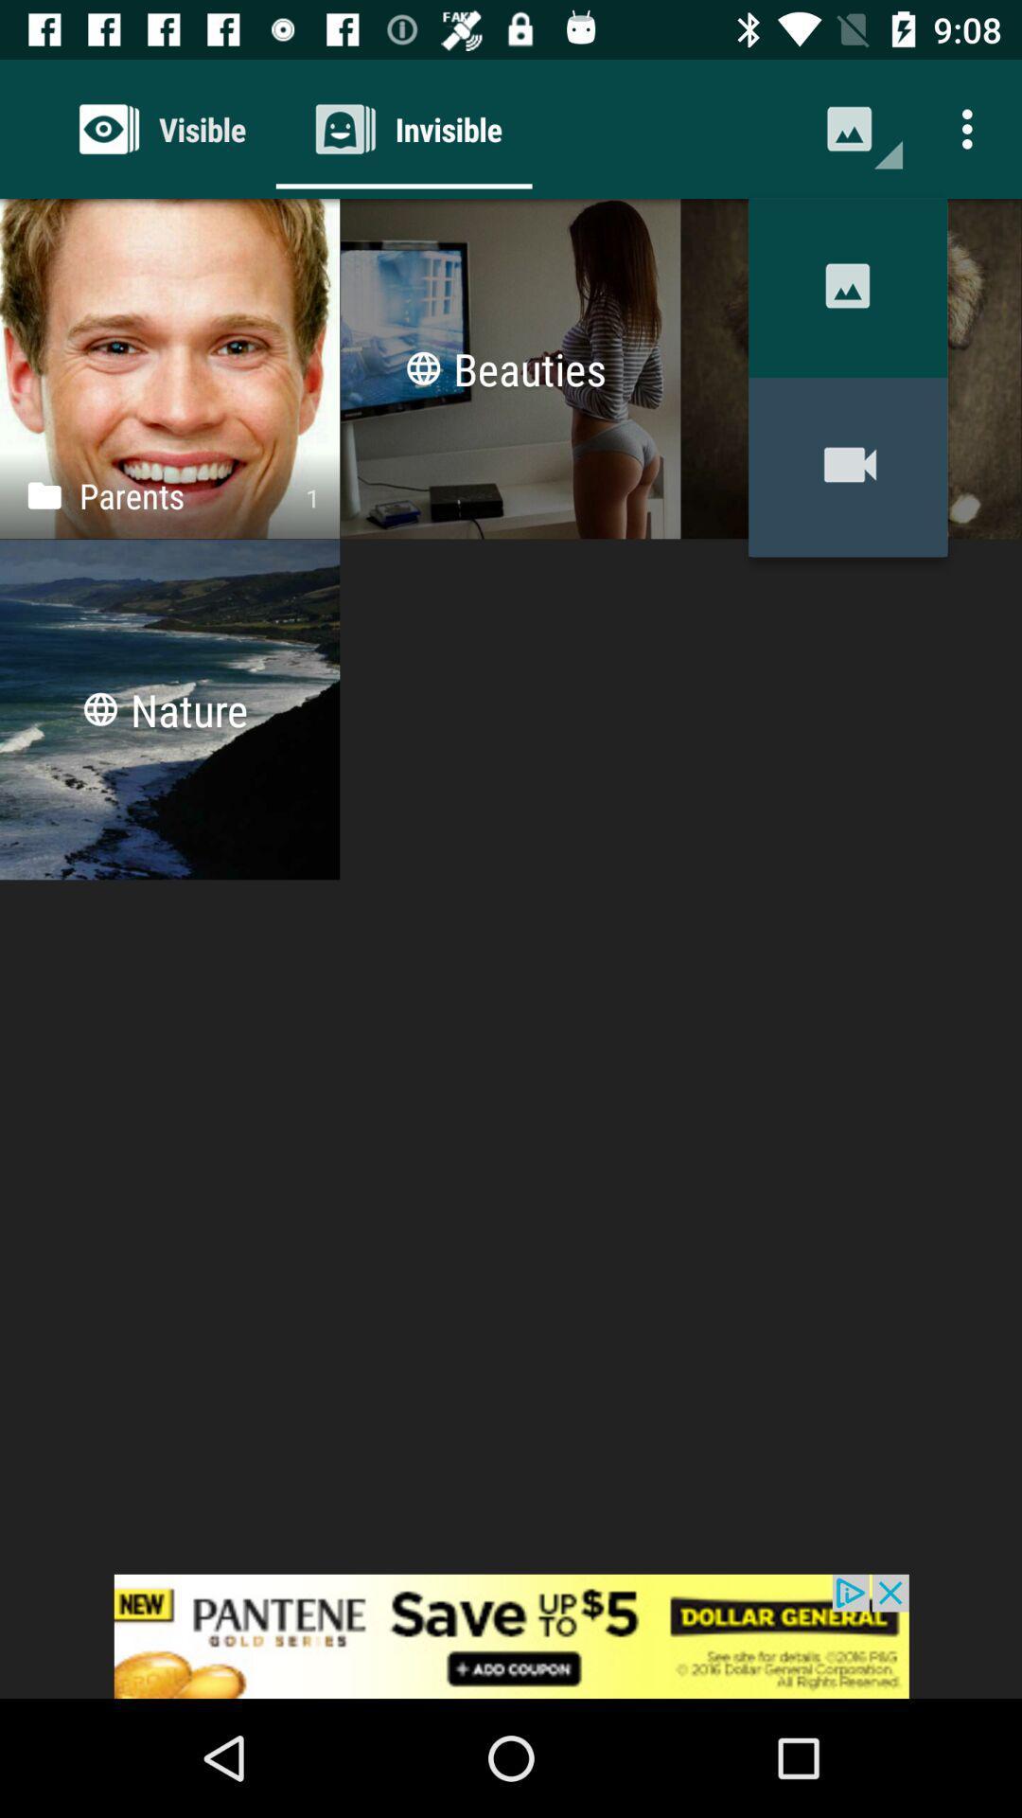 This screenshot has height=1818, width=1022. I want to click on advertisement banner, so click(511, 1635).